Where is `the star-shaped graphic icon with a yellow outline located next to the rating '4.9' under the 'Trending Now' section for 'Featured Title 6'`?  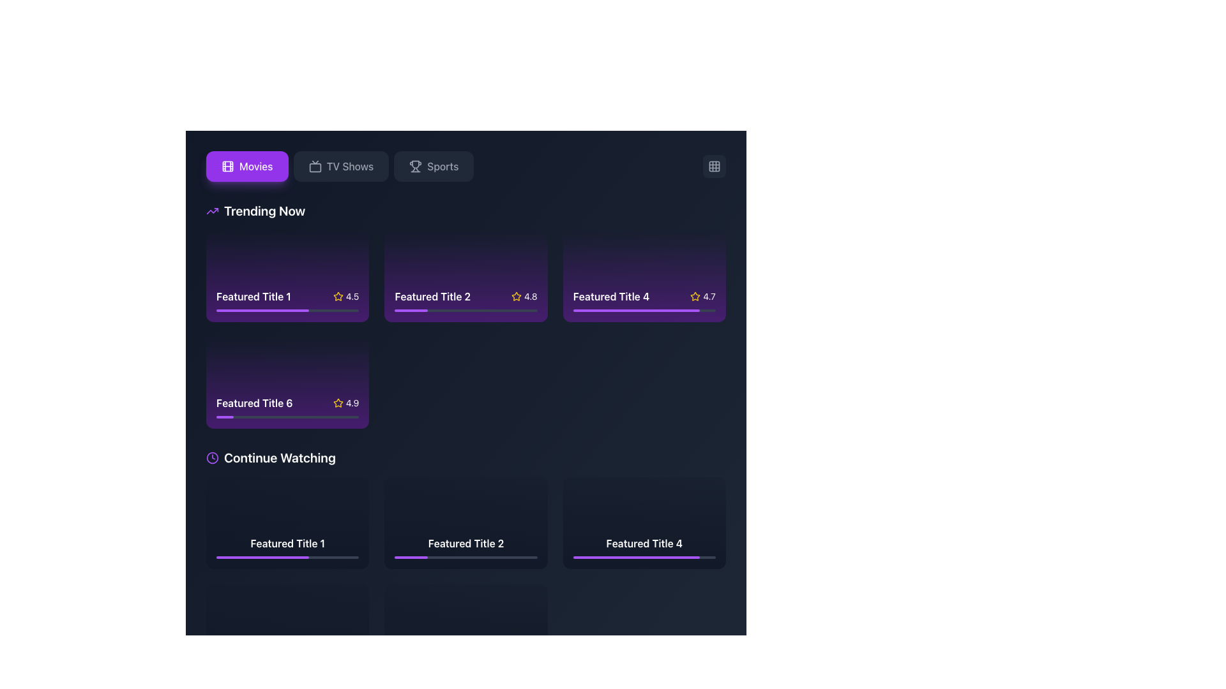
the star-shaped graphic icon with a yellow outline located next to the rating '4.9' under the 'Trending Now' section for 'Featured Title 6' is located at coordinates (338, 403).